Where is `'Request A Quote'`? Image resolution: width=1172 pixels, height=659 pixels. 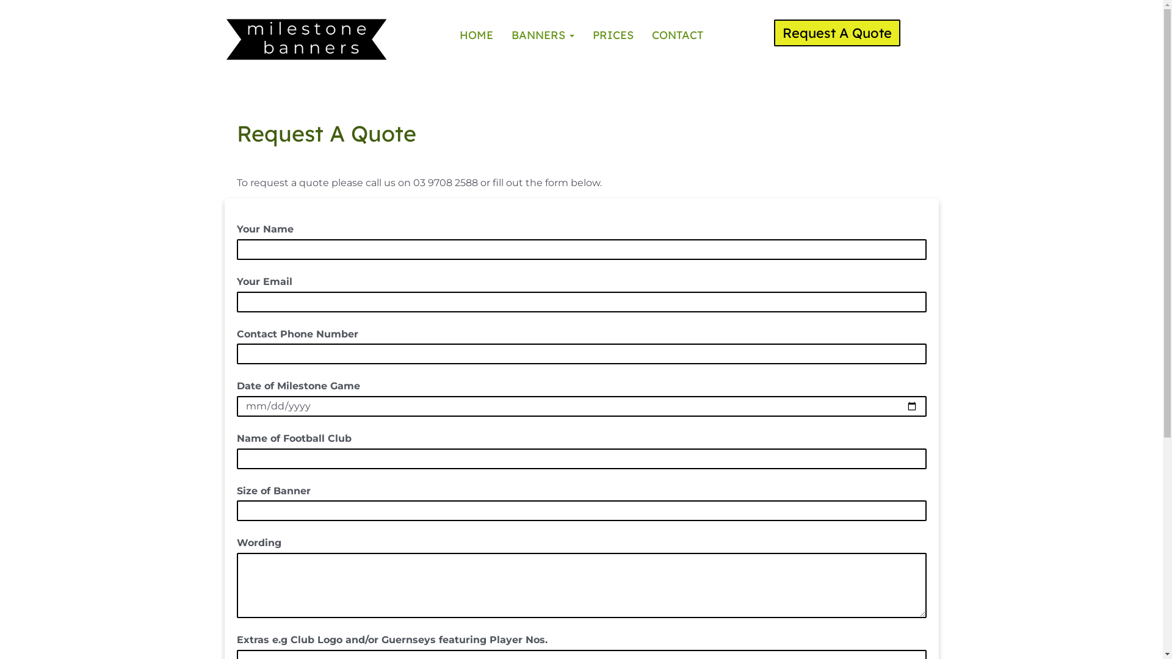 'Request A Quote' is located at coordinates (836, 32).